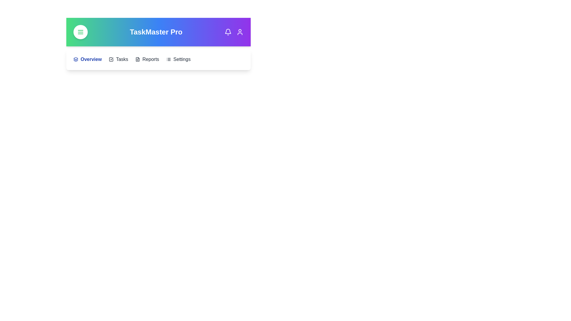 The image size is (571, 321). Describe the element at coordinates (118, 59) in the screenshot. I see `the tab Tasks from the navigation bar` at that location.